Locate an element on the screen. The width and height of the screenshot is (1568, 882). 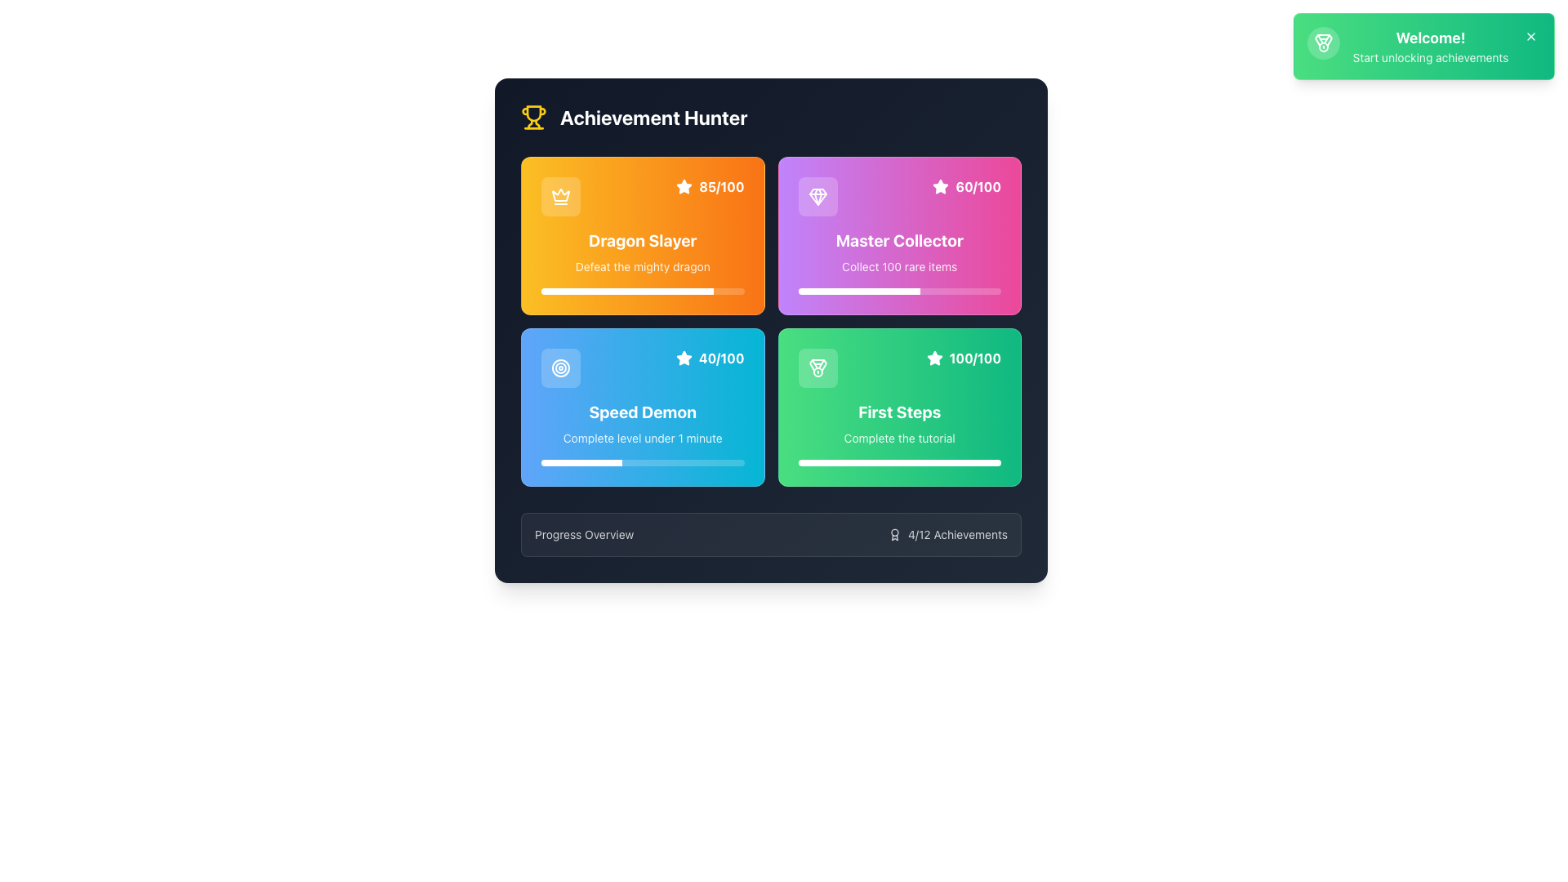
the achievements icon located to the left of the text '4/12 Achievements' in the 'Progress Overview' section of the card is located at coordinates (894, 535).